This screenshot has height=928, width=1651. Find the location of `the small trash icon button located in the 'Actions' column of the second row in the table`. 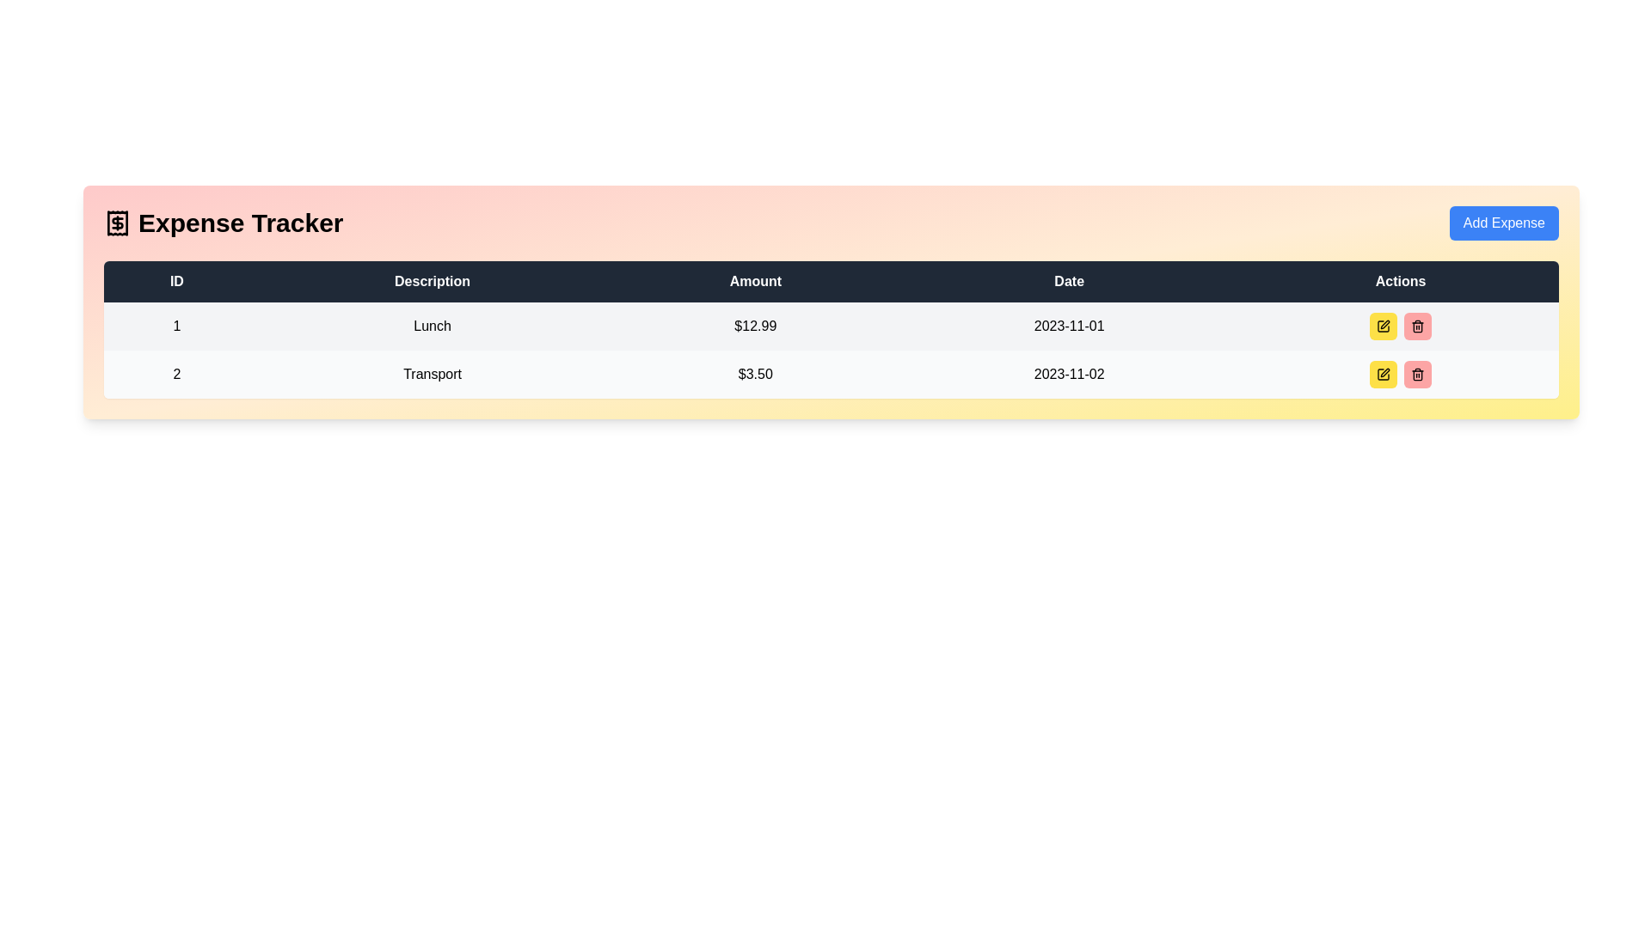

the small trash icon button located in the 'Actions' column of the second row in the table is located at coordinates (1418, 373).